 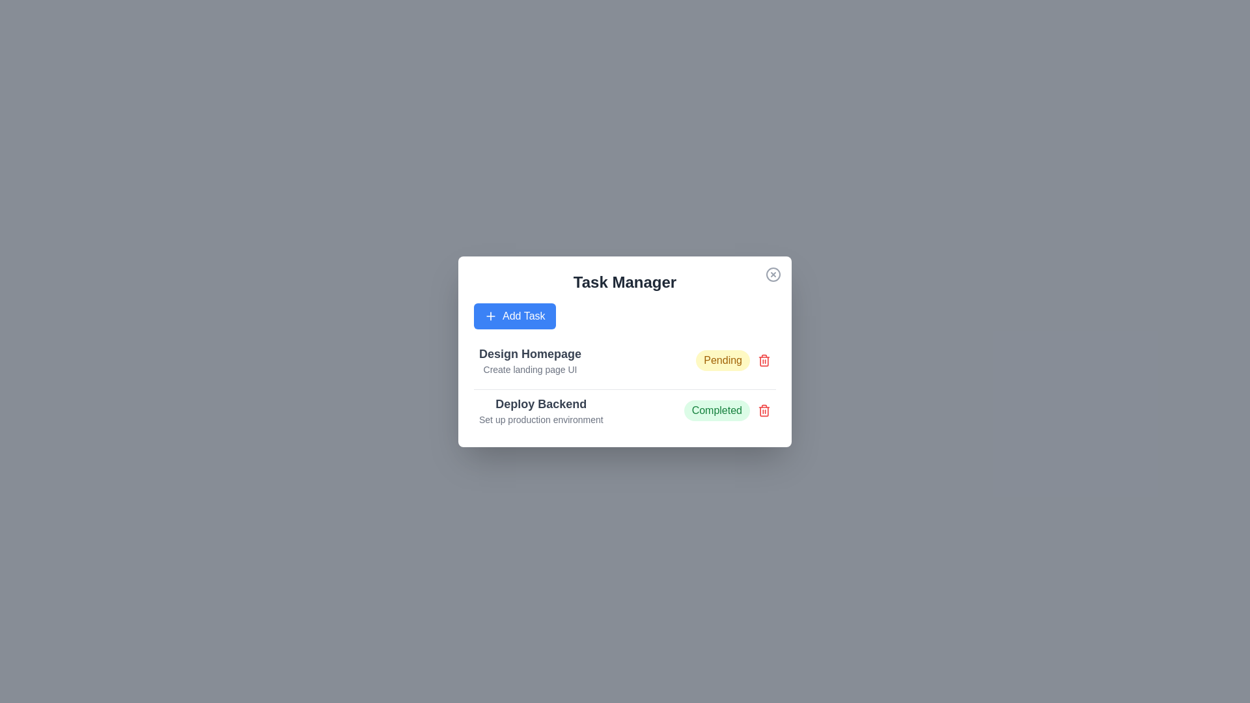 What do you see at coordinates (764, 359) in the screenshot?
I see `the delete button located immediately to the right of the 'Pending' status label in the top task of the 'Task Manager' section` at bounding box center [764, 359].